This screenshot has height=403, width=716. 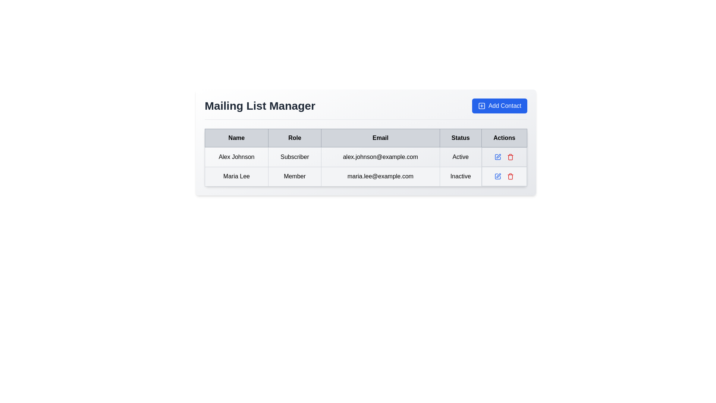 I want to click on the second row of the table that displays user entry details including name, role, email, and status, so click(x=366, y=166).